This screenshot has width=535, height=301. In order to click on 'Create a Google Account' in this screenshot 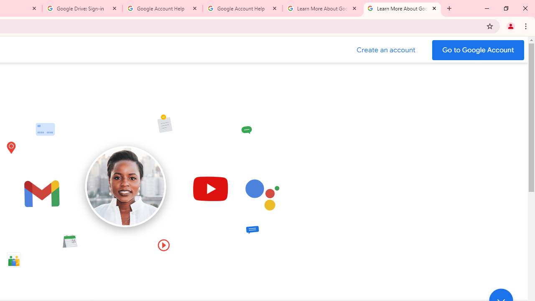, I will do `click(386, 50)`.